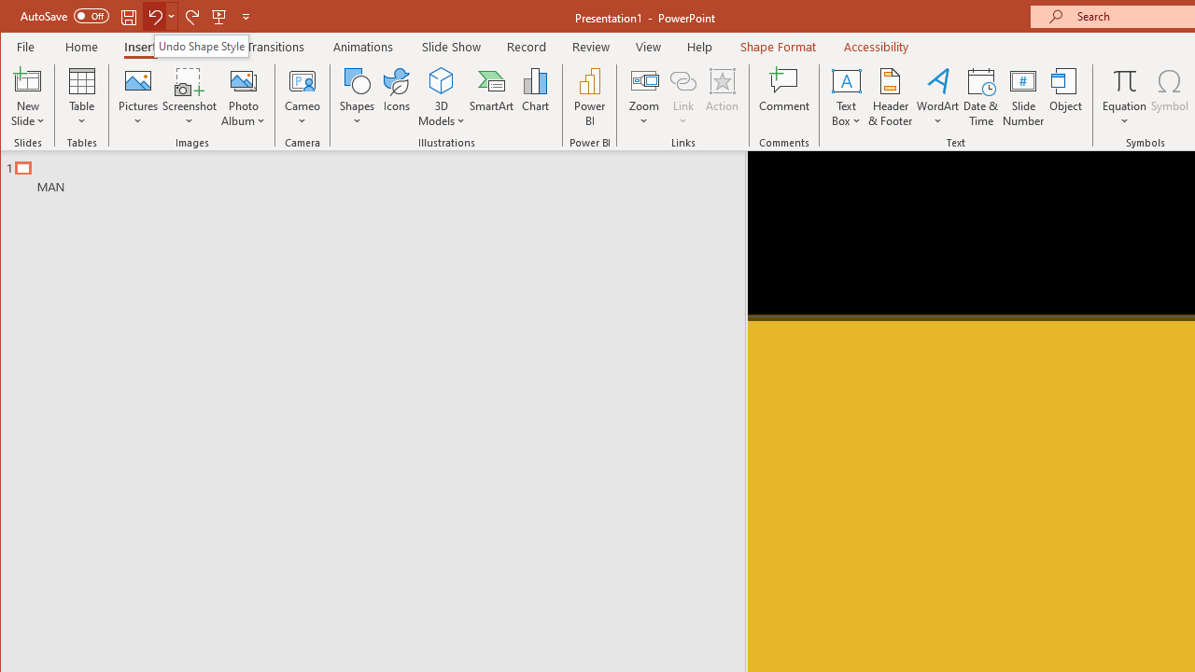  What do you see at coordinates (190, 97) in the screenshot?
I see `'Screenshot'` at bounding box center [190, 97].